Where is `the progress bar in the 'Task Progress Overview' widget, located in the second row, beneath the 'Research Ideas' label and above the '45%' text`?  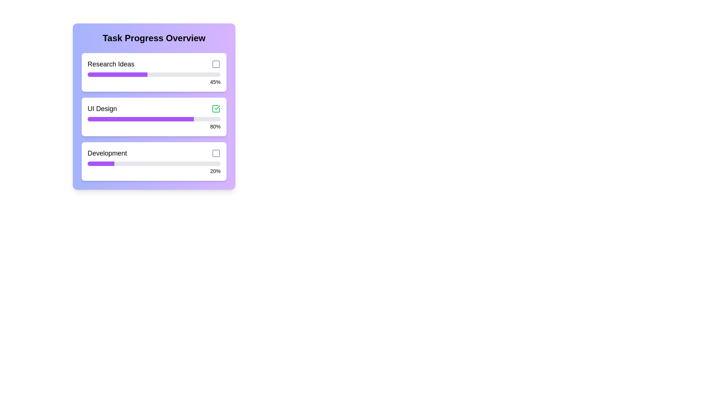 the progress bar in the 'Task Progress Overview' widget, located in the second row, beneath the 'Research Ideas' label and above the '45%' text is located at coordinates (153, 74).